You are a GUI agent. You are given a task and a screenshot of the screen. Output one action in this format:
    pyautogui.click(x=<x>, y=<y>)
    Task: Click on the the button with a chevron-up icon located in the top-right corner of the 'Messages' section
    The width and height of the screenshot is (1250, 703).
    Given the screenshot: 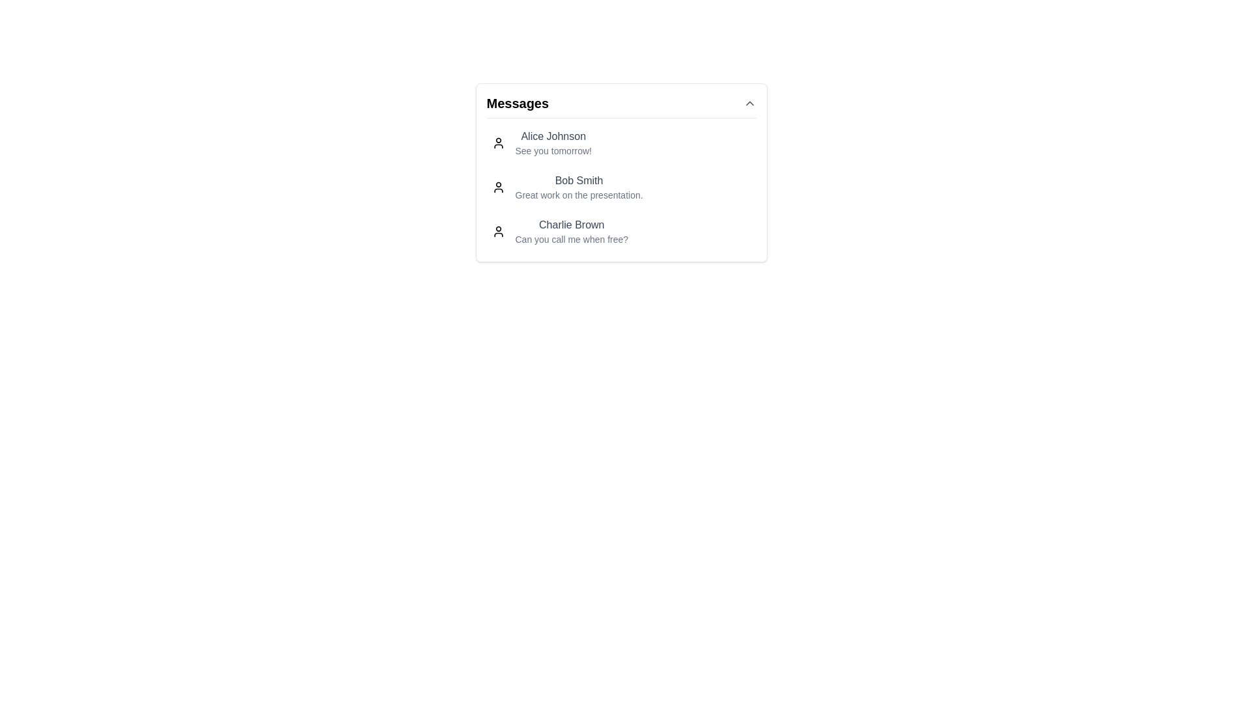 What is the action you would take?
    pyautogui.click(x=749, y=102)
    